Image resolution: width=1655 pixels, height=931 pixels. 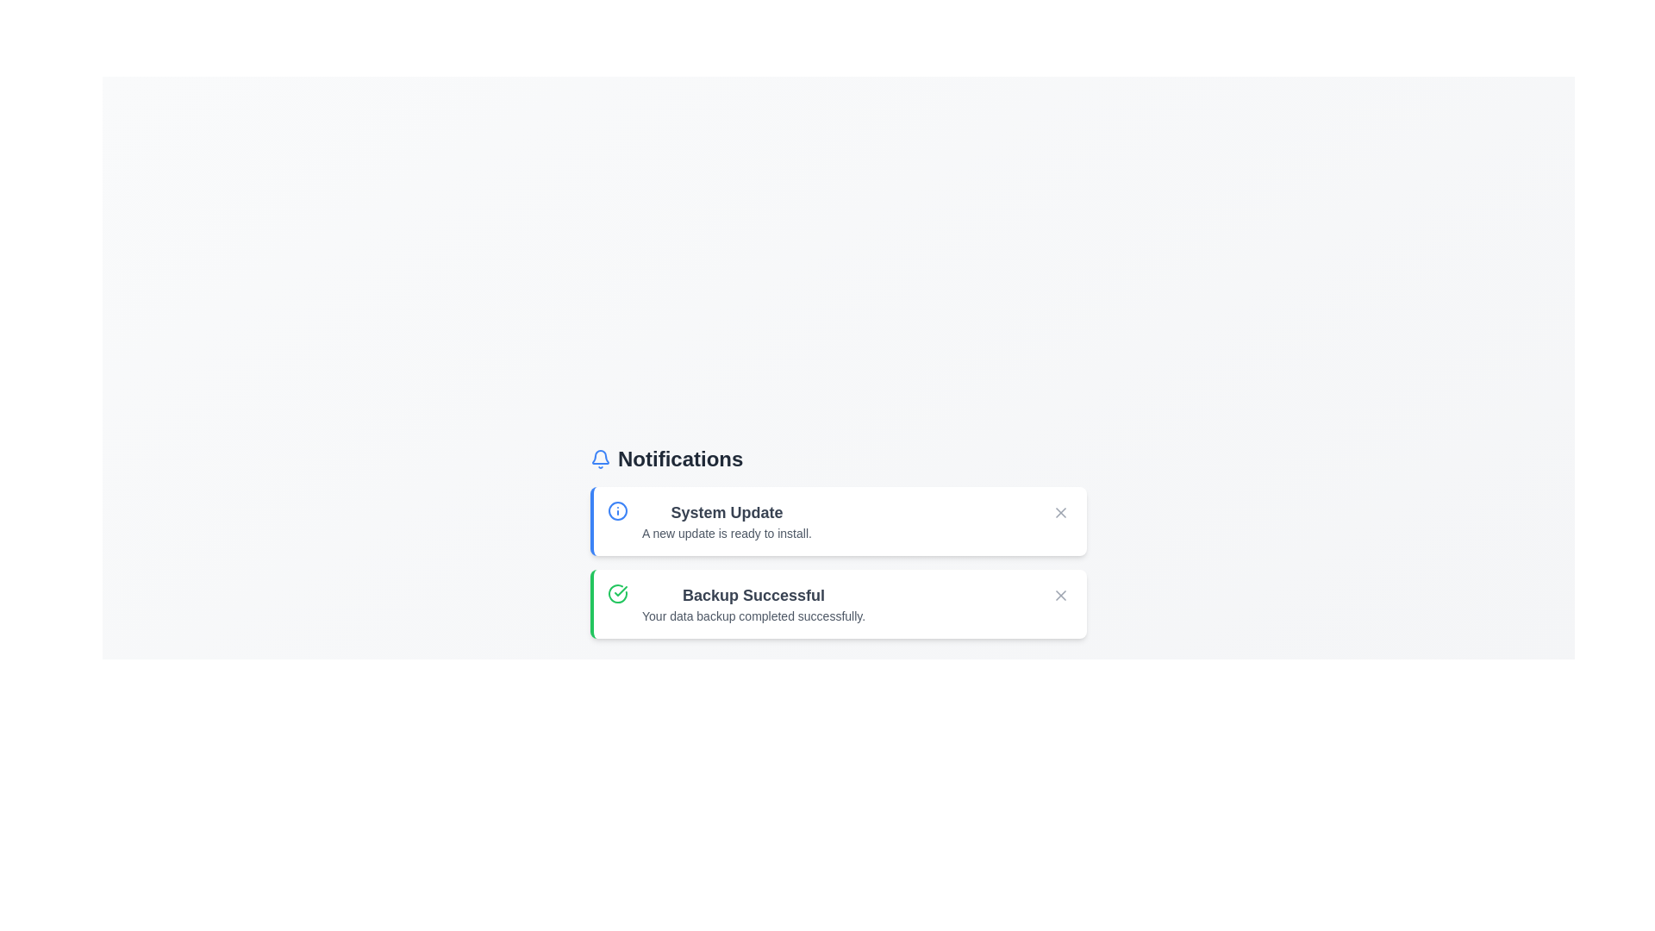 I want to click on the bell-shaped notification icon filled with gentle blue color located in the notification section near the top-left area of the interface, so click(x=600, y=455).